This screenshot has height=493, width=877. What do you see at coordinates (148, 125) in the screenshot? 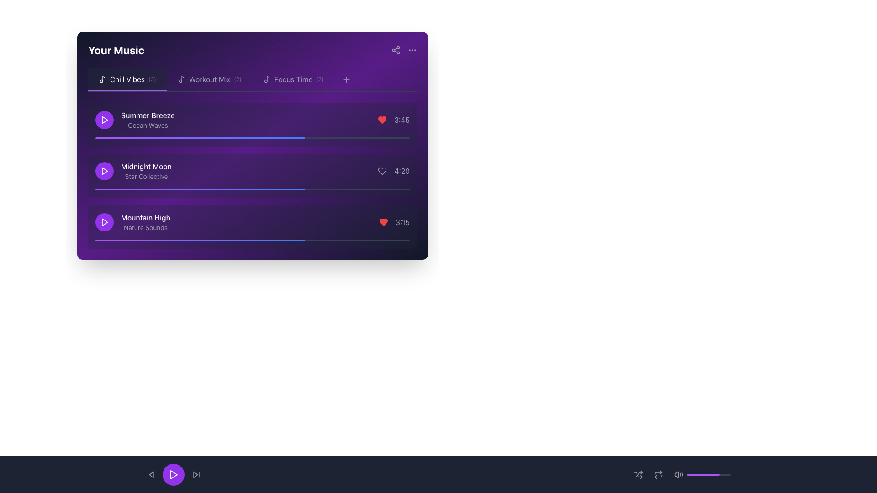
I see `the text label that describes the 'Summer Breeze' title, located directly below it and indicating additional metadata such as origin, category, or theme` at bounding box center [148, 125].